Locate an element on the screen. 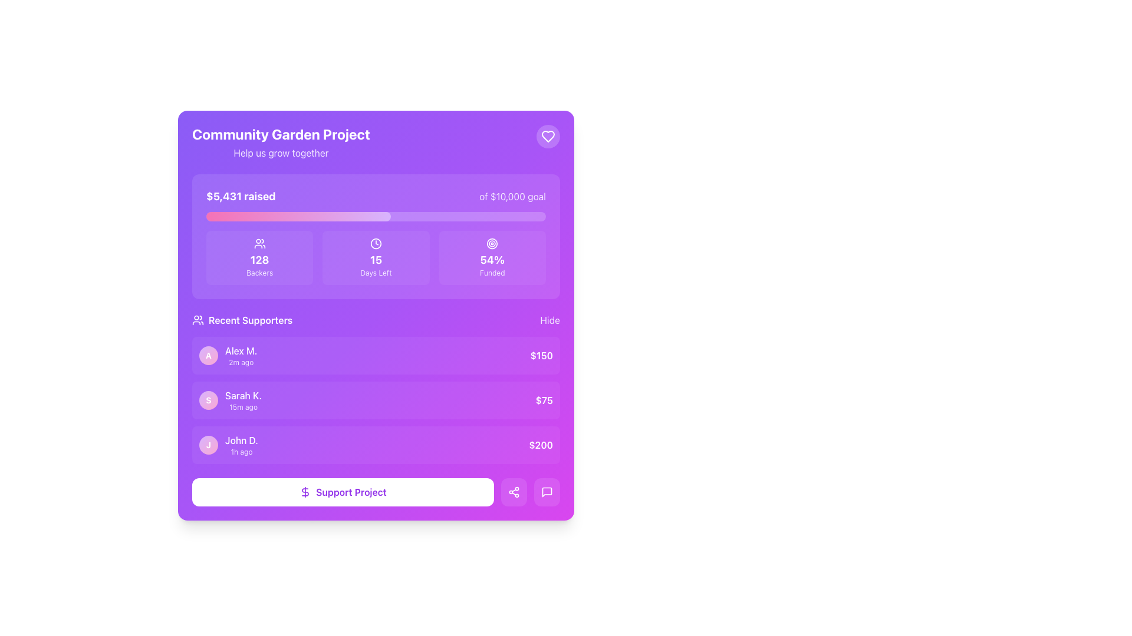  the first item in the 'Recent Supporters' list is located at coordinates (376, 355).